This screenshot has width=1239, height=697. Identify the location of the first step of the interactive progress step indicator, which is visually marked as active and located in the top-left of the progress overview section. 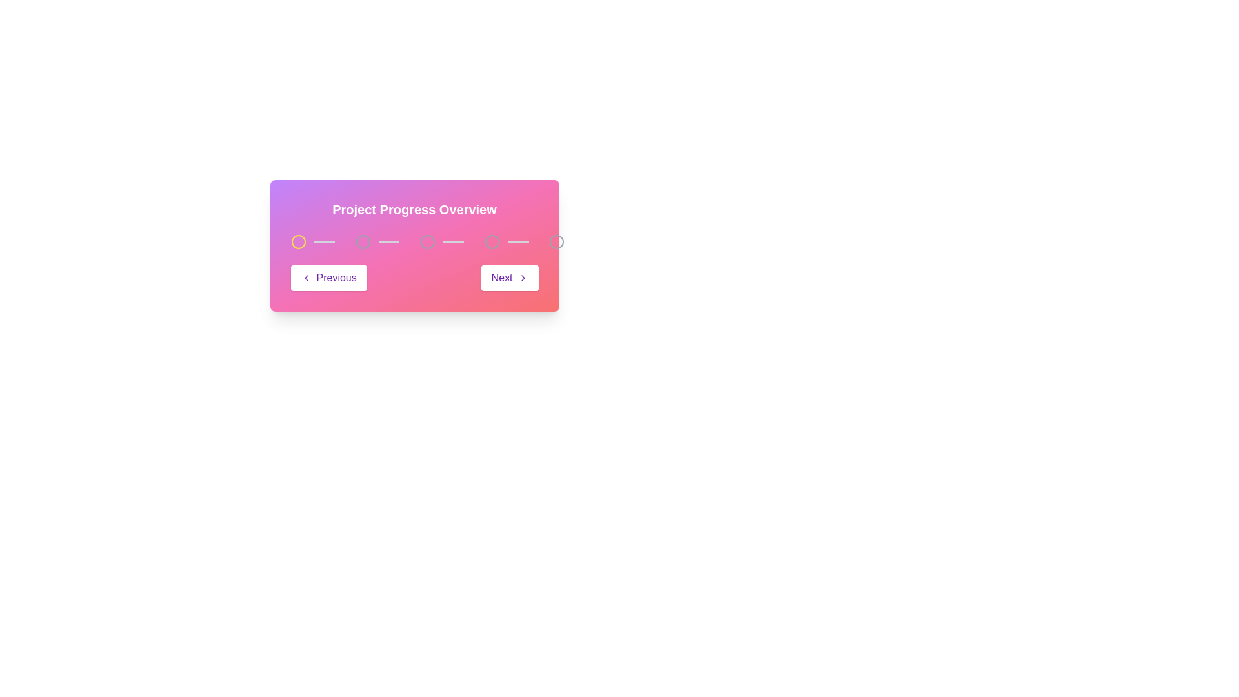
(312, 241).